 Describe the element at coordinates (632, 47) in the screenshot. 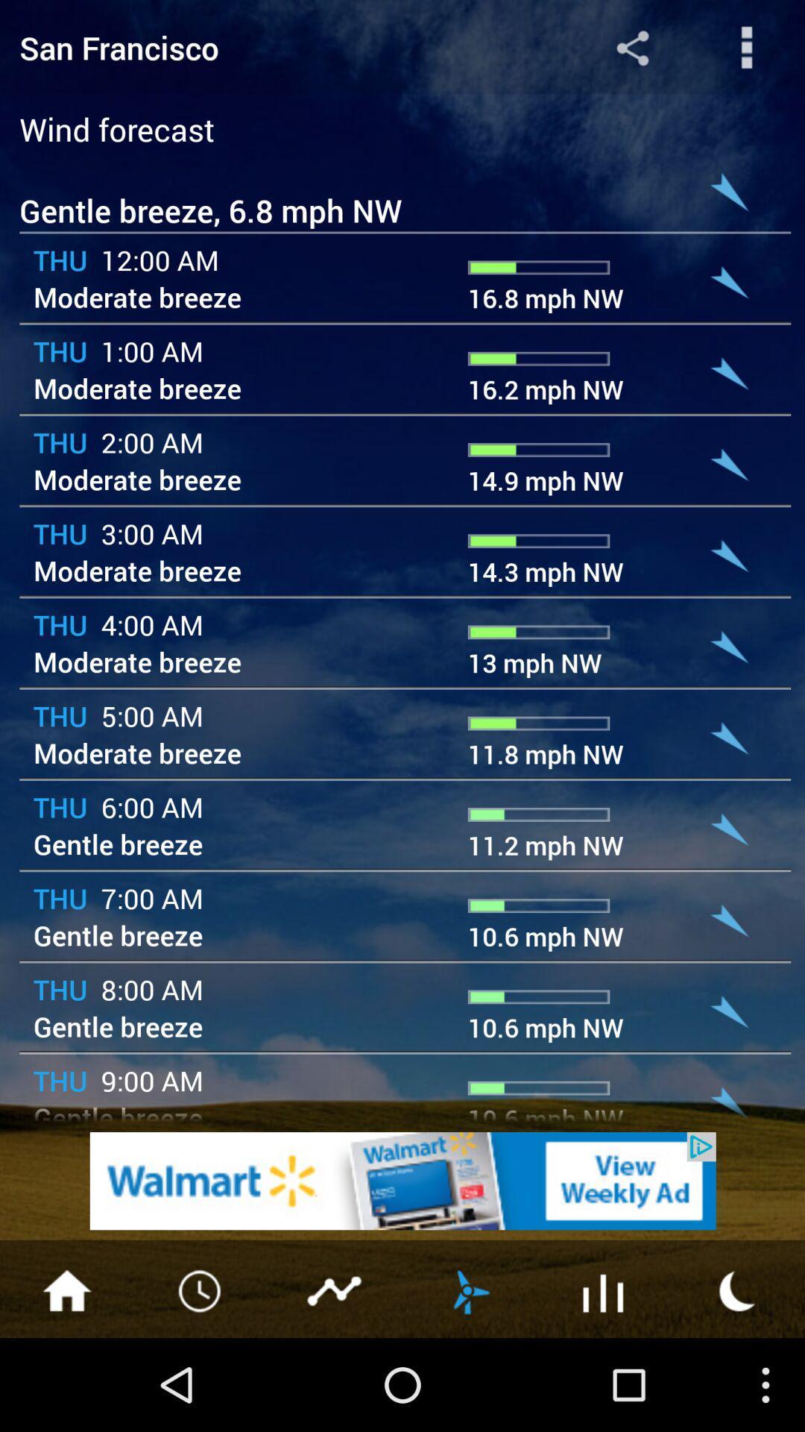

I see `share the forecast details` at that location.